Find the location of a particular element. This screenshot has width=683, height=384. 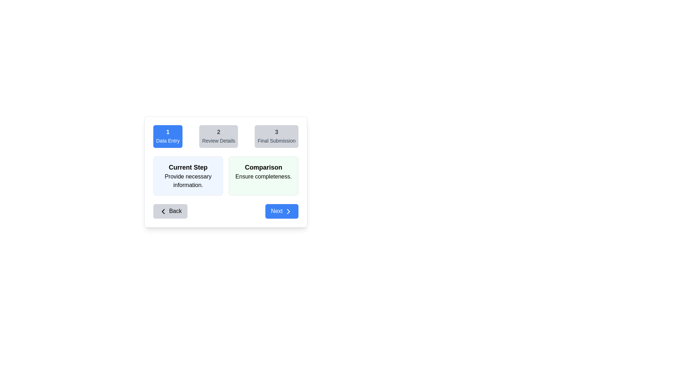

the static text element representing step '3' in the multi-step navigation process, located above 'Final Submission' is located at coordinates (276, 132).